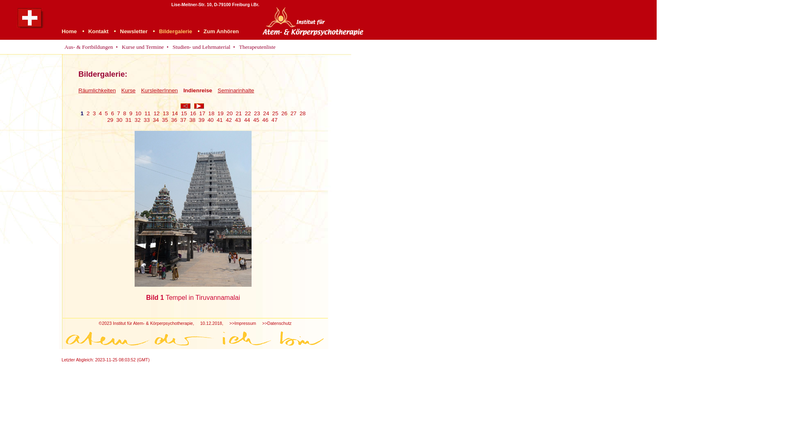 The height and width of the screenshot is (443, 788). Describe the element at coordinates (118, 113) in the screenshot. I see `'7'` at that location.